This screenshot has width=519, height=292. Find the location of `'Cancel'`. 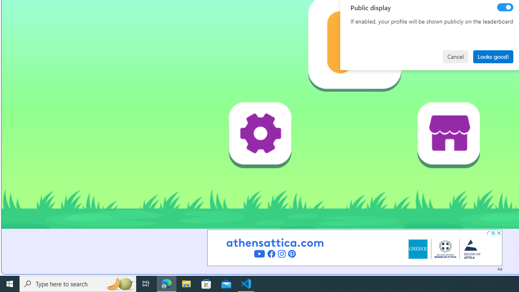

'Cancel' is located at coordinates (455, 56).